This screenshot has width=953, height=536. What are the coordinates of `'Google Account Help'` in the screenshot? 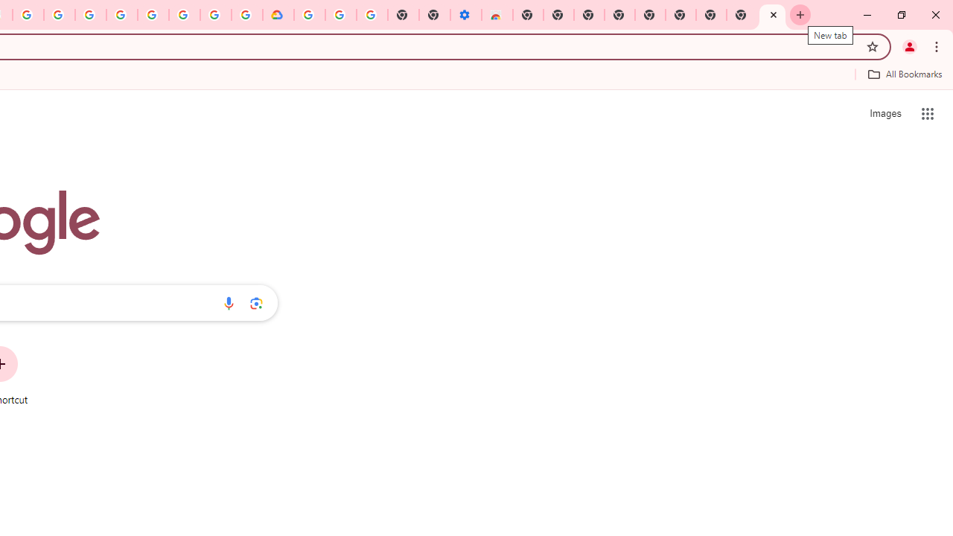 It's located at (153, 15).